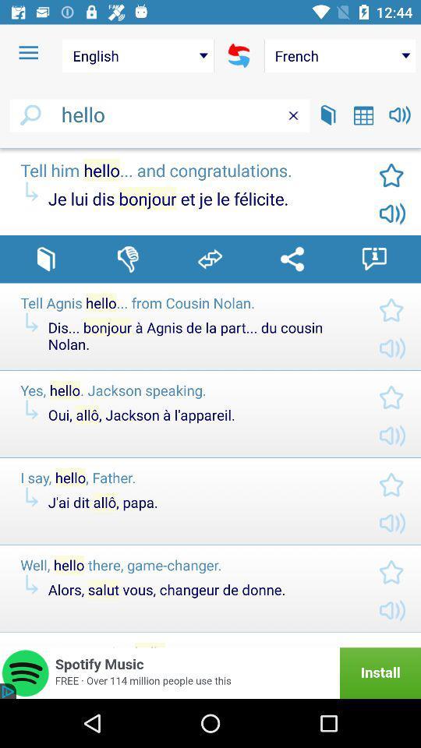  Describe the element at coordinates (373, 259) in the screenshot. I see `get information` at that location.